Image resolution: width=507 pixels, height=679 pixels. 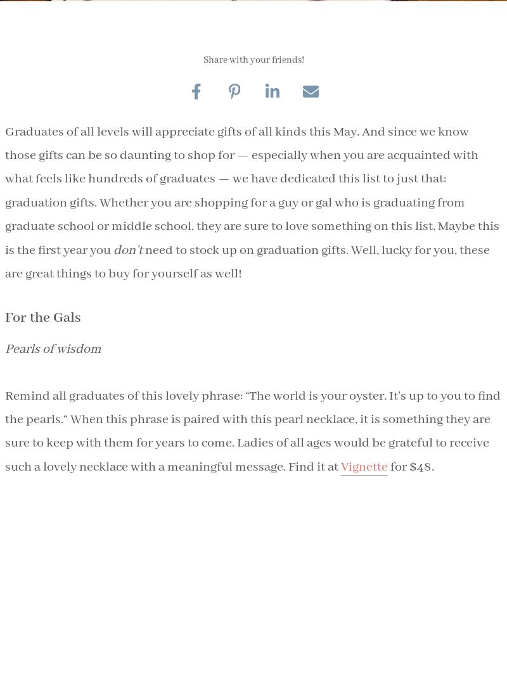 I want to click on 'Real Estate Submission', so click(x=231, y=406).